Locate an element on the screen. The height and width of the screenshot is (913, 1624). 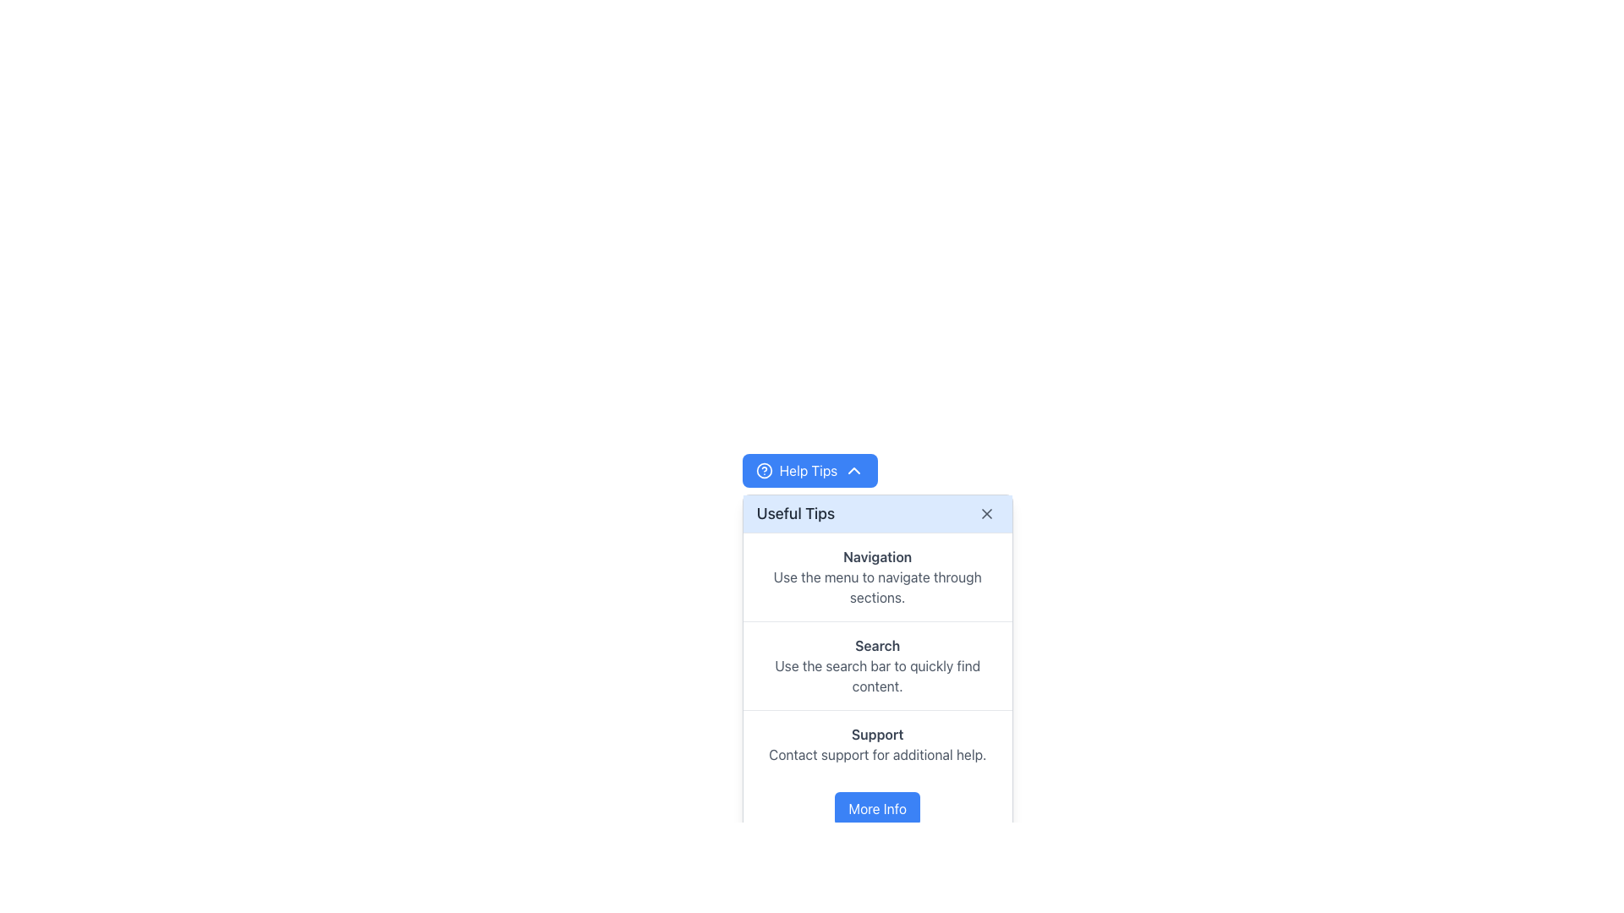
the blue downward-pointing chevron arrow icon located next to the 'Help Tips' label within the button is located at coordinates (854, 470).